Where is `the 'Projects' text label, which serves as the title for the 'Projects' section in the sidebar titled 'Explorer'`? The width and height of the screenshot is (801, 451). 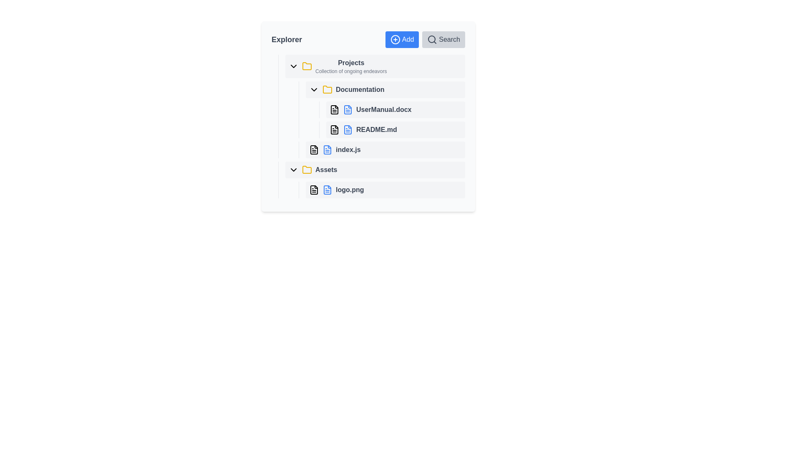
the 'Projects' text label, which serves as the title for the 'Projects' section in the sidebar titled 'Explorer' is located at coordinates (351, 62).